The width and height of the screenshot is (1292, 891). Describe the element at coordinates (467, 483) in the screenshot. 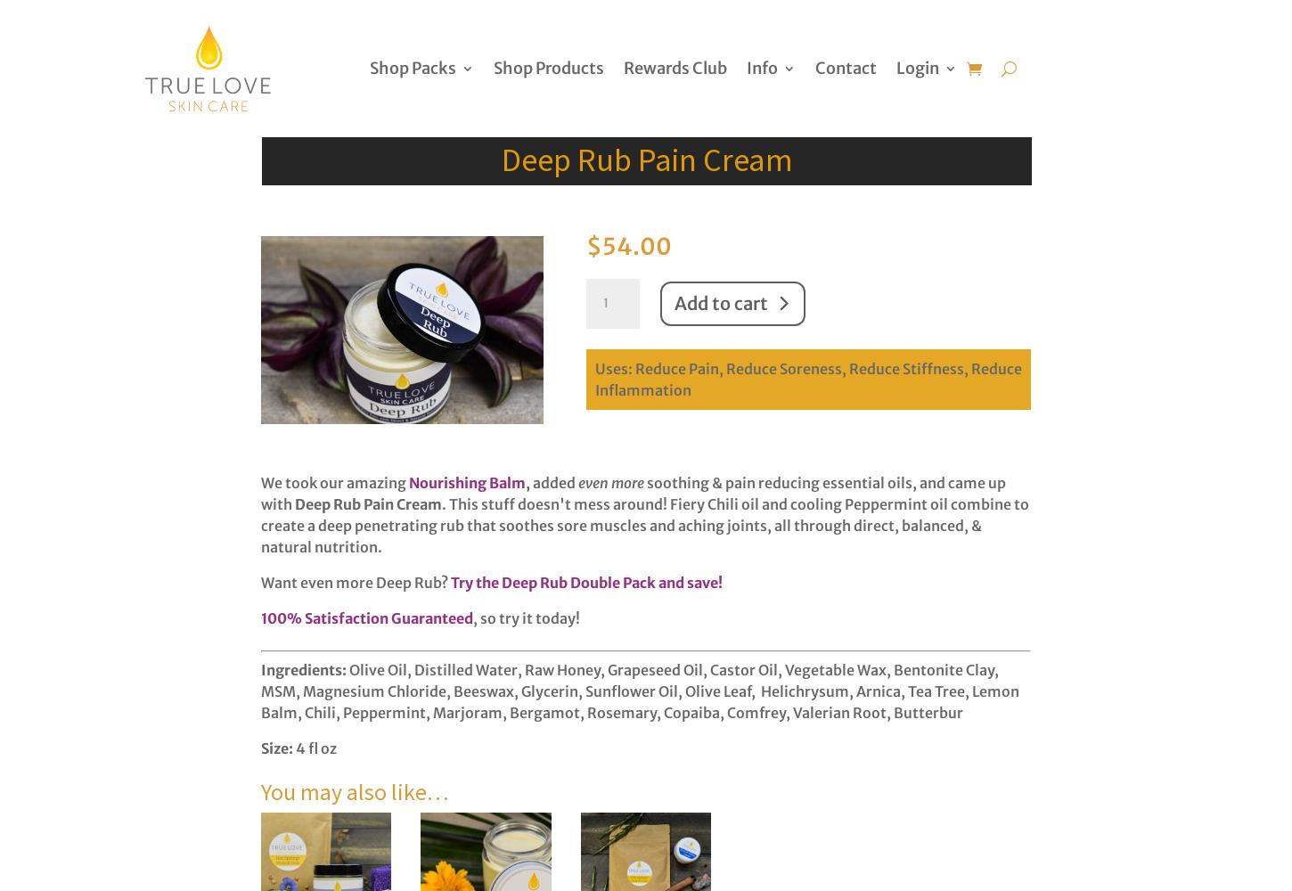

I see `'Nourishing Balm'` at that location.